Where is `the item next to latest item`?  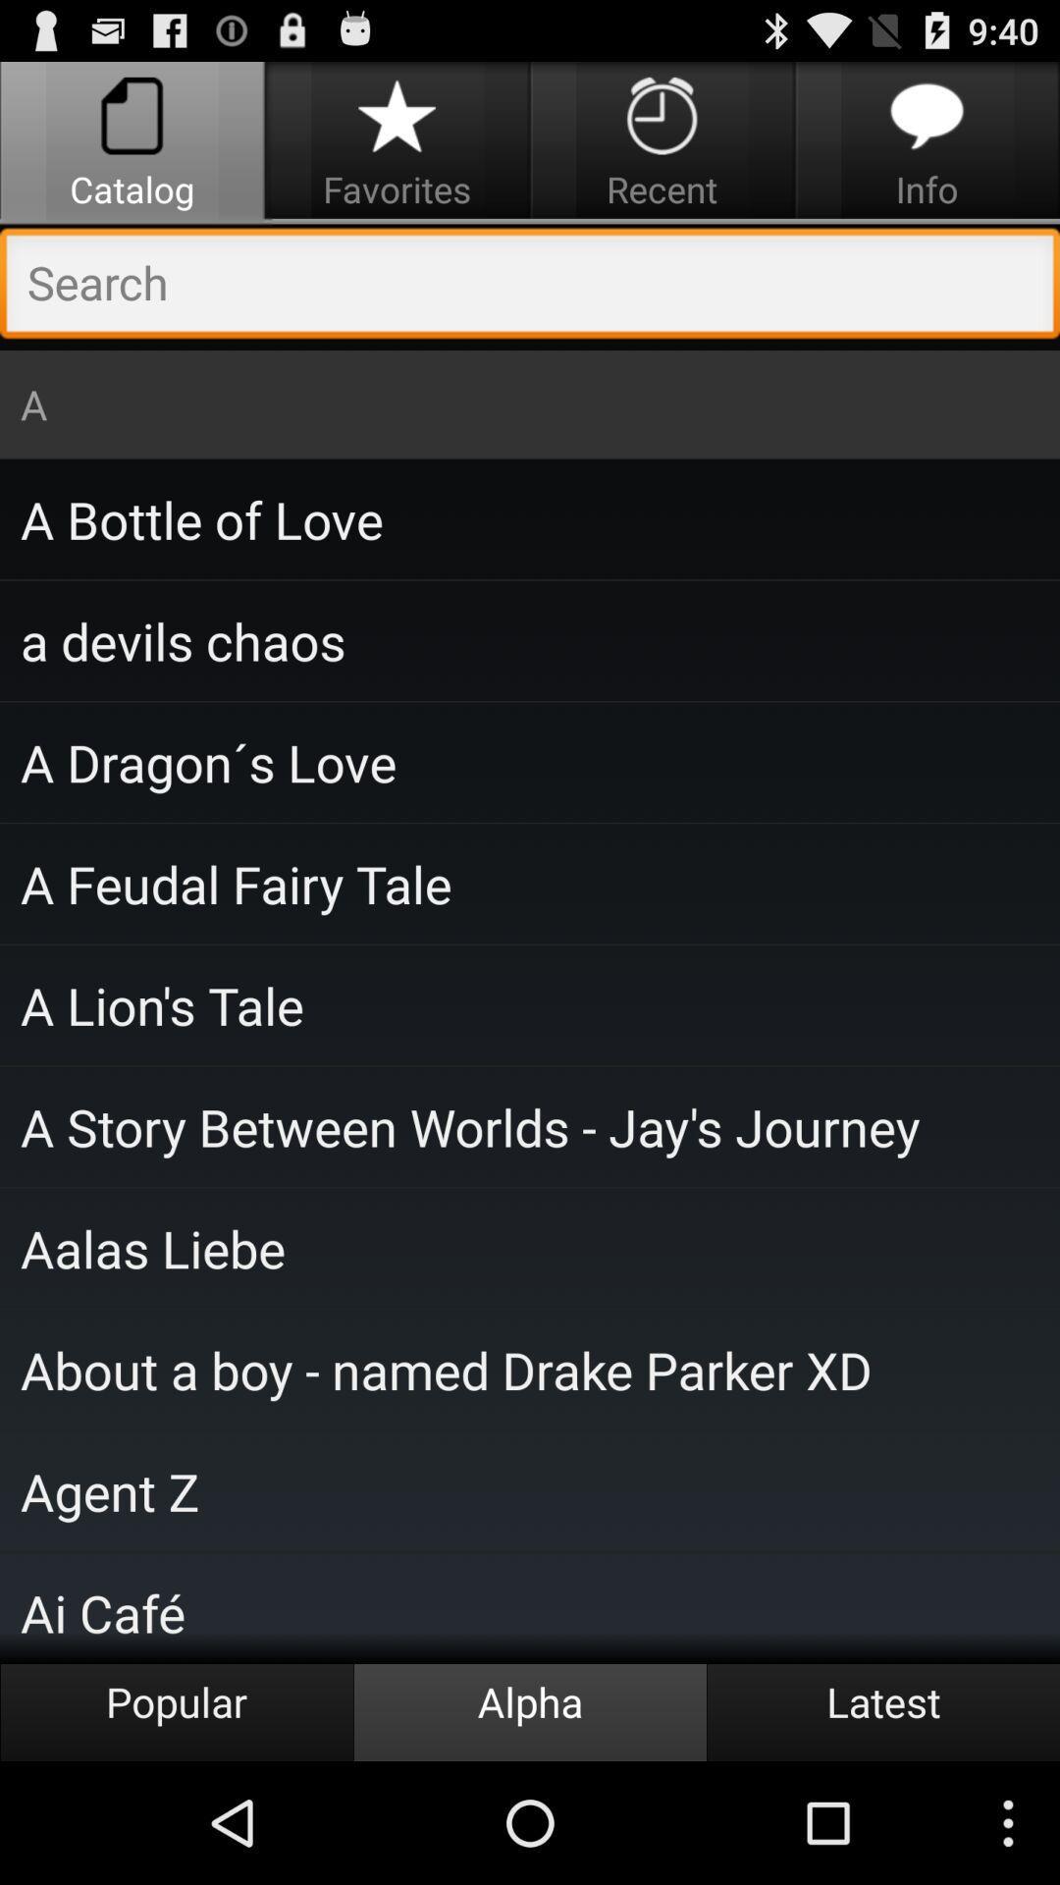 the item next to latest item is located at coordinates (530, 1711).